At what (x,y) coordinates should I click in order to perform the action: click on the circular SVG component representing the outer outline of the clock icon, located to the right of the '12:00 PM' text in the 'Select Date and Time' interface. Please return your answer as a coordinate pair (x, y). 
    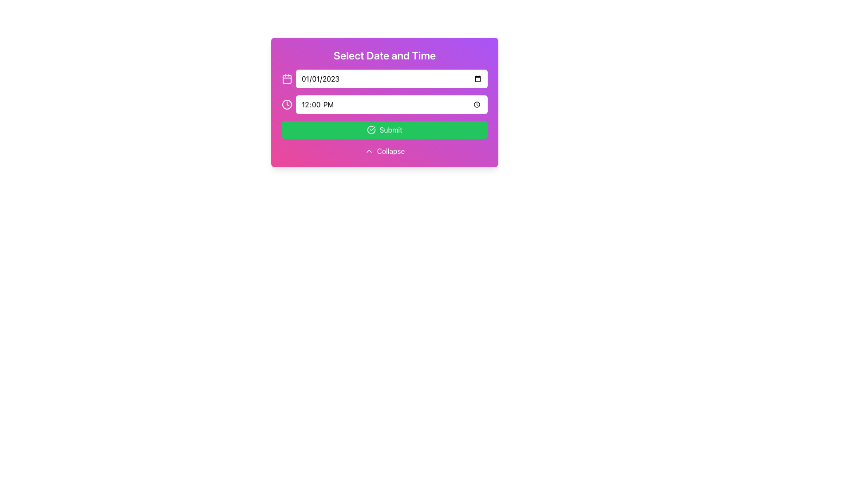
    Looking at the image, I should click on (287, 104).